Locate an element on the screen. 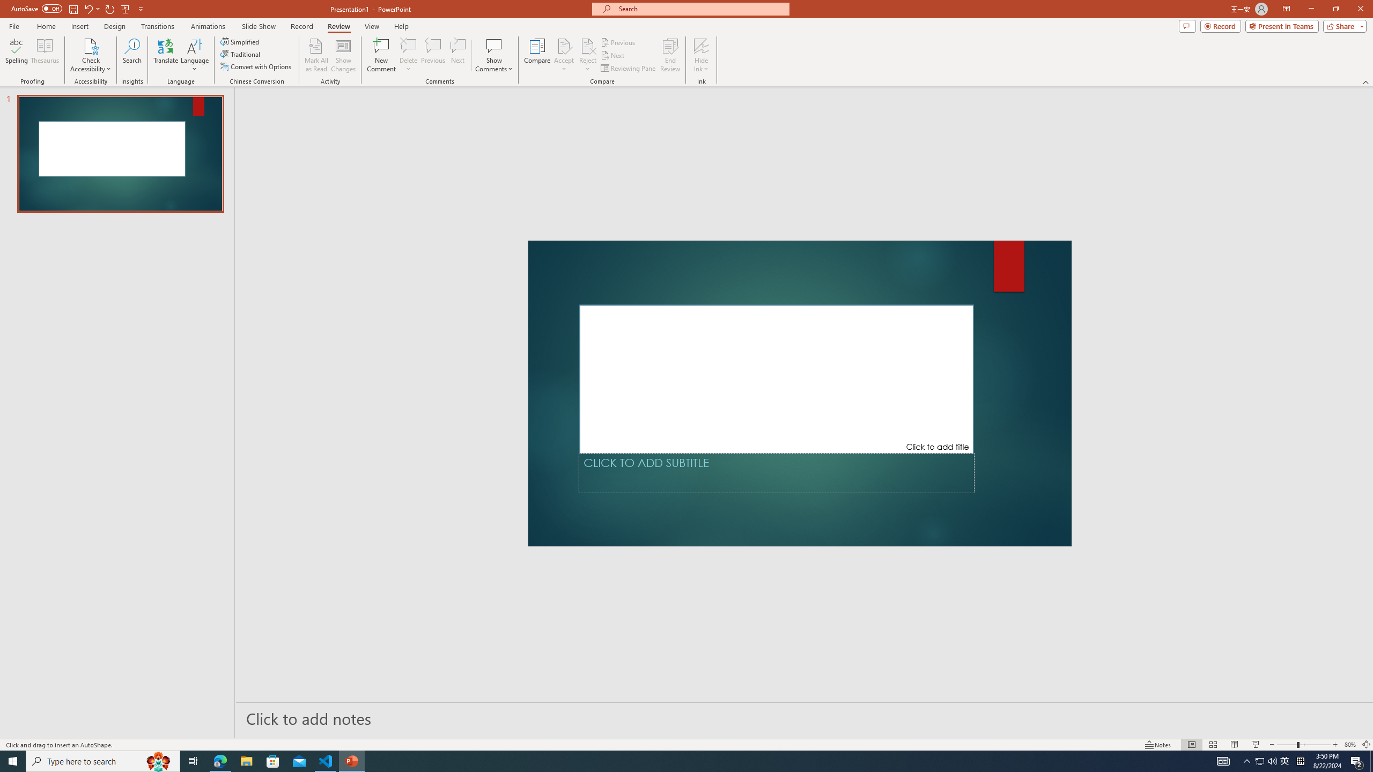  'Share' is located at coordinates (1342, 25).